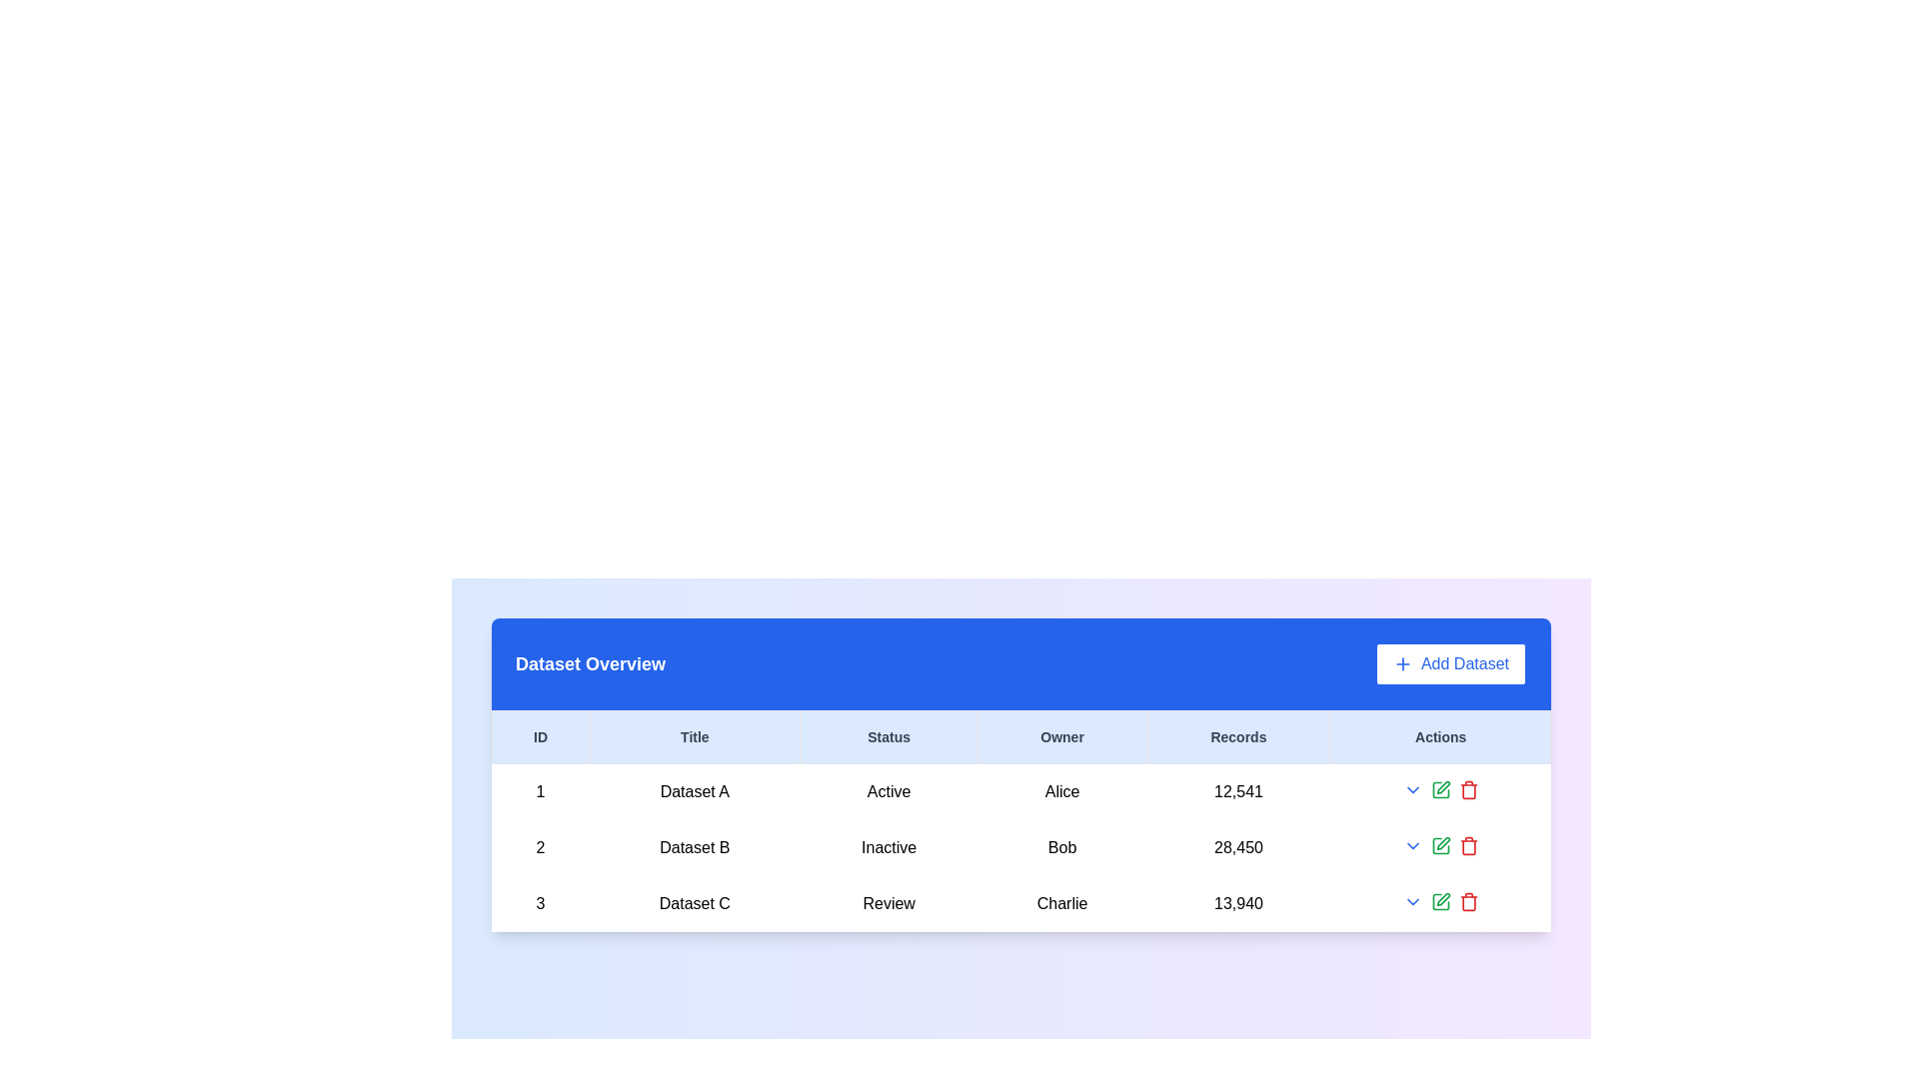 This screenshot has width=1919, height=1079. Describe the element at coordinates (1237, 847) in the screenshot. I see `the text element displaying '28,450' located under the 'Records' heading in the fifth column of the second row within the table for 'Dataset B'` at that location.